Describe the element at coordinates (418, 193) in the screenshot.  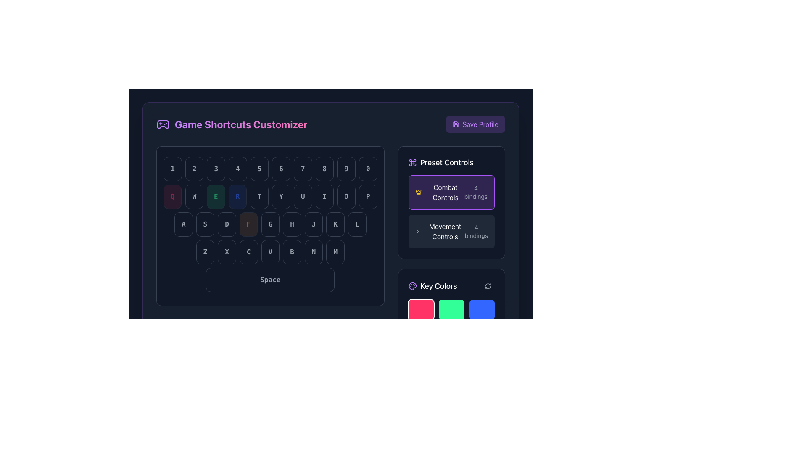
I see `the 'Combat Controls' icon located to the left of the 'Combat Controls' label in the 'Preset Controls' section` at that location.